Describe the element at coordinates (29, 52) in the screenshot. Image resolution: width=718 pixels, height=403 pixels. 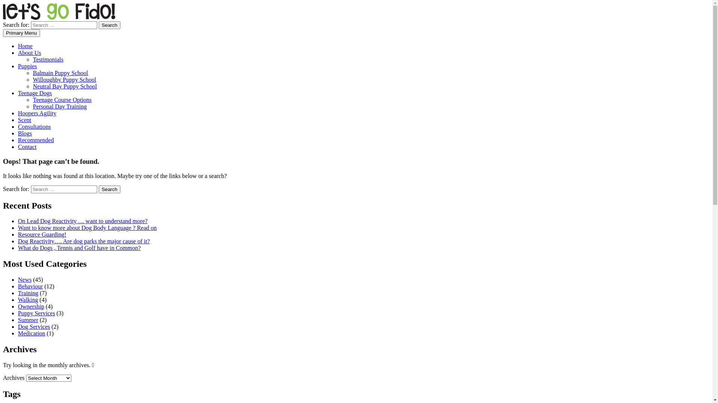
I see `'About Us'` at that location.